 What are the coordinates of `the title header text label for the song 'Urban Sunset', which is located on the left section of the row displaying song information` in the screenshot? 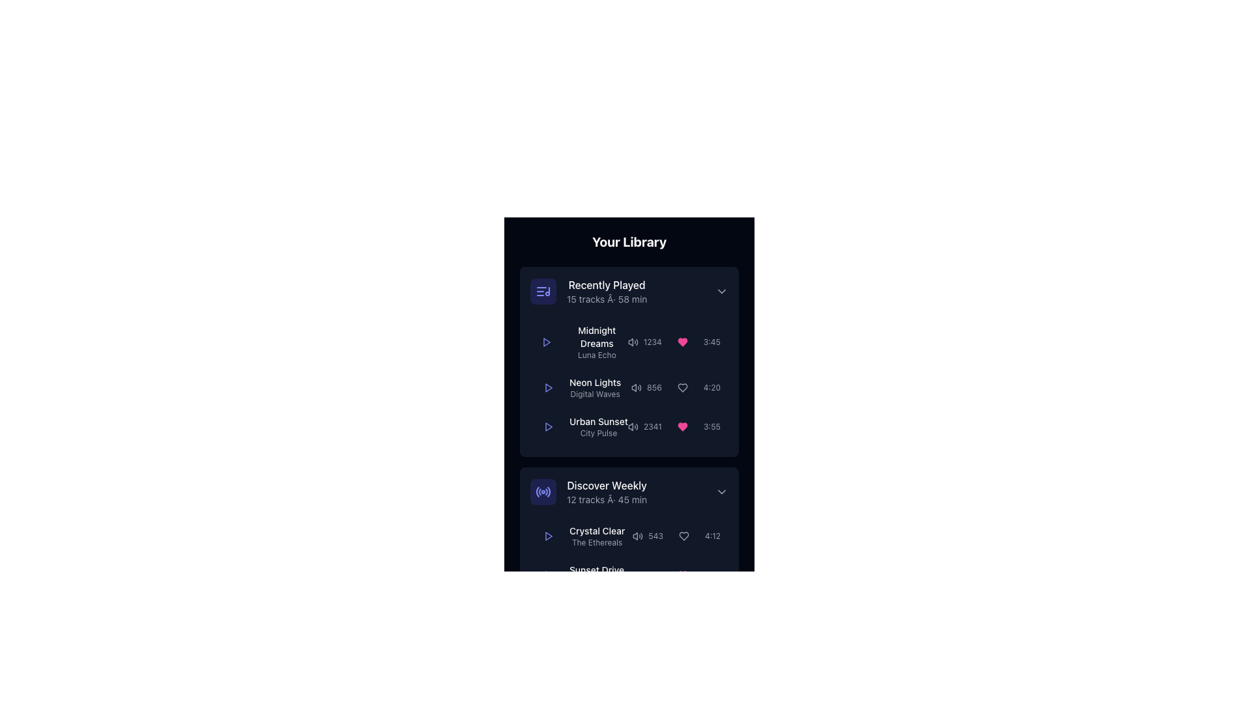 It's located at (582, 426).